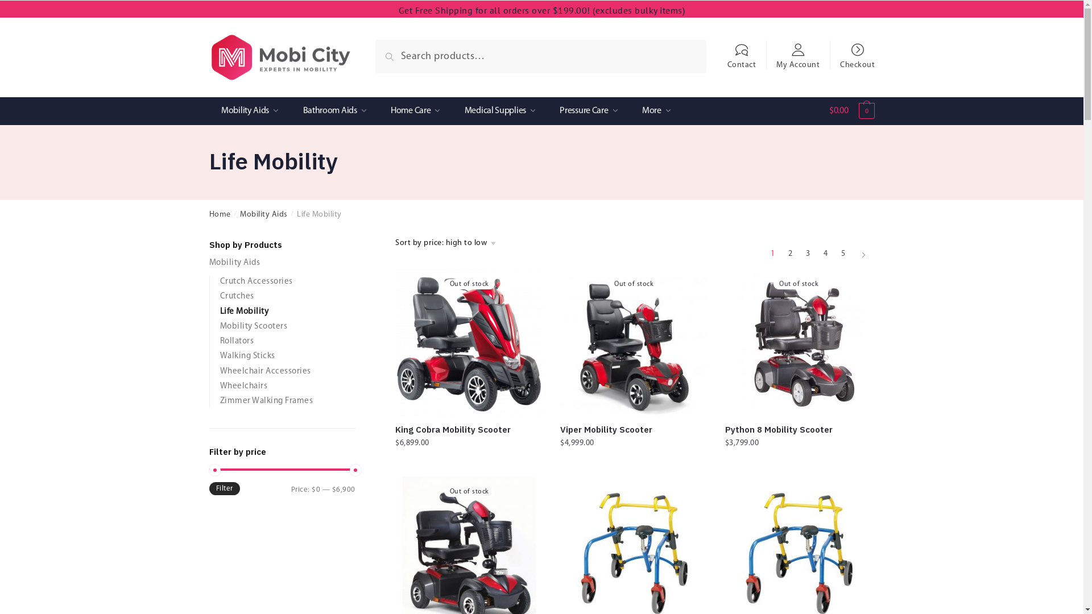 The height and width of the screenshot is (614, 1092). Describe the element at coordinates (857, 50) in the screenshot. I see `'Checkout'` at that location.